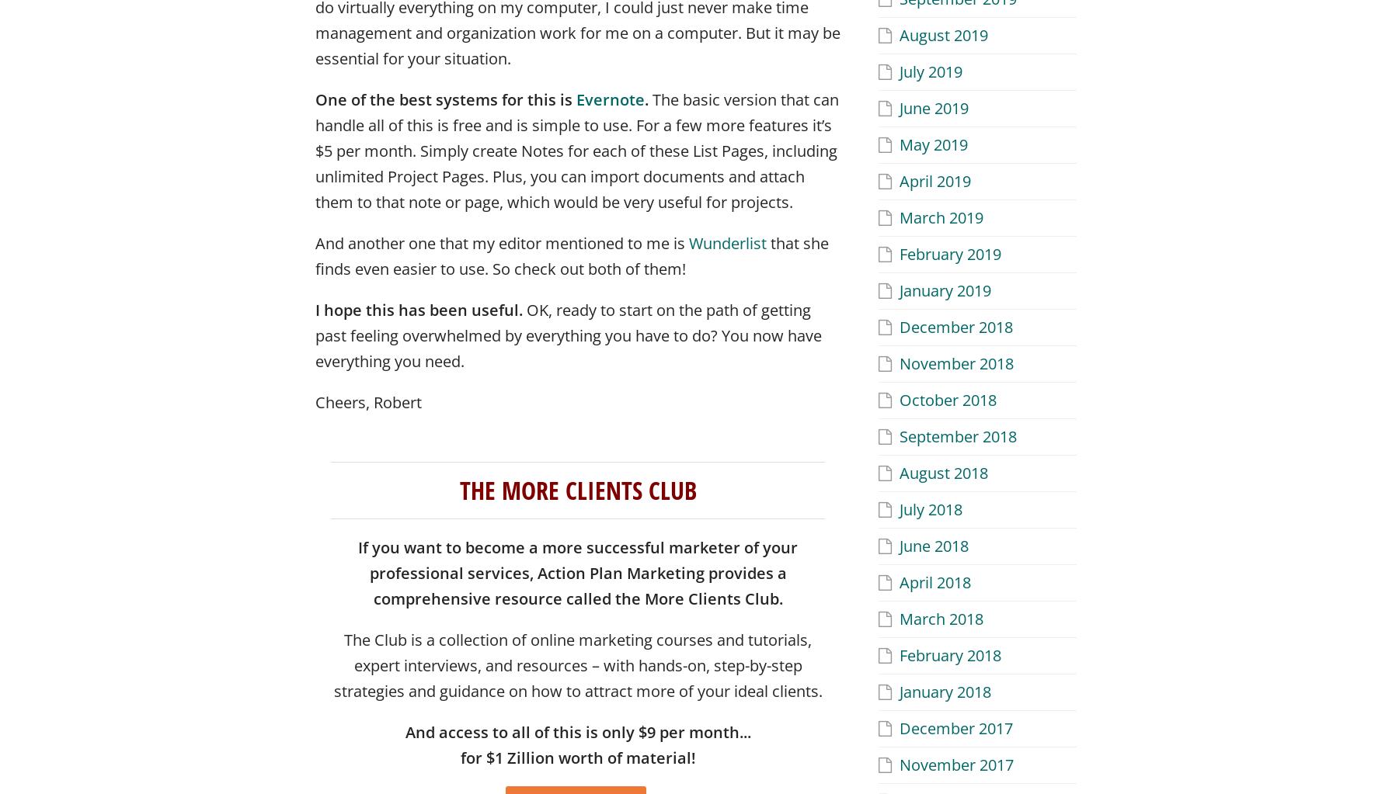 The height and width of the screenshot is (794, 1392). I want to click on 'April 2018', so click(935, 581).